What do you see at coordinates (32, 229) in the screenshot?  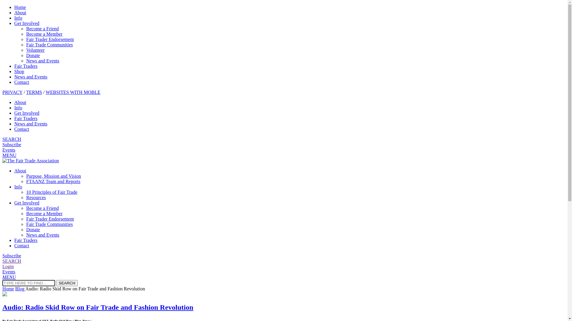 I see `'Donate'` at bounding box center [32, 229].